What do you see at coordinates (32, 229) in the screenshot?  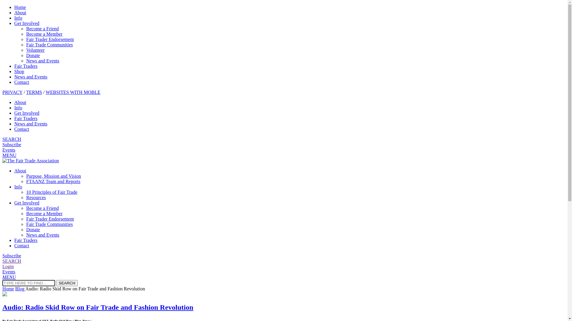 I see `'Donate'` at bounding box center [32, 229].